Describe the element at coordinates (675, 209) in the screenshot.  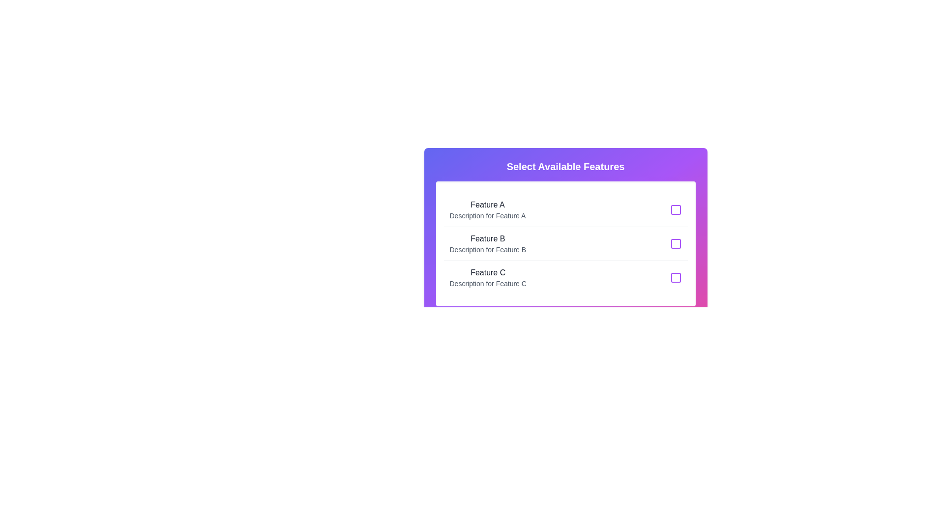
I see `the checkbox indicator located in the upper-right corner of the first row of the feature list for more information` at that location.